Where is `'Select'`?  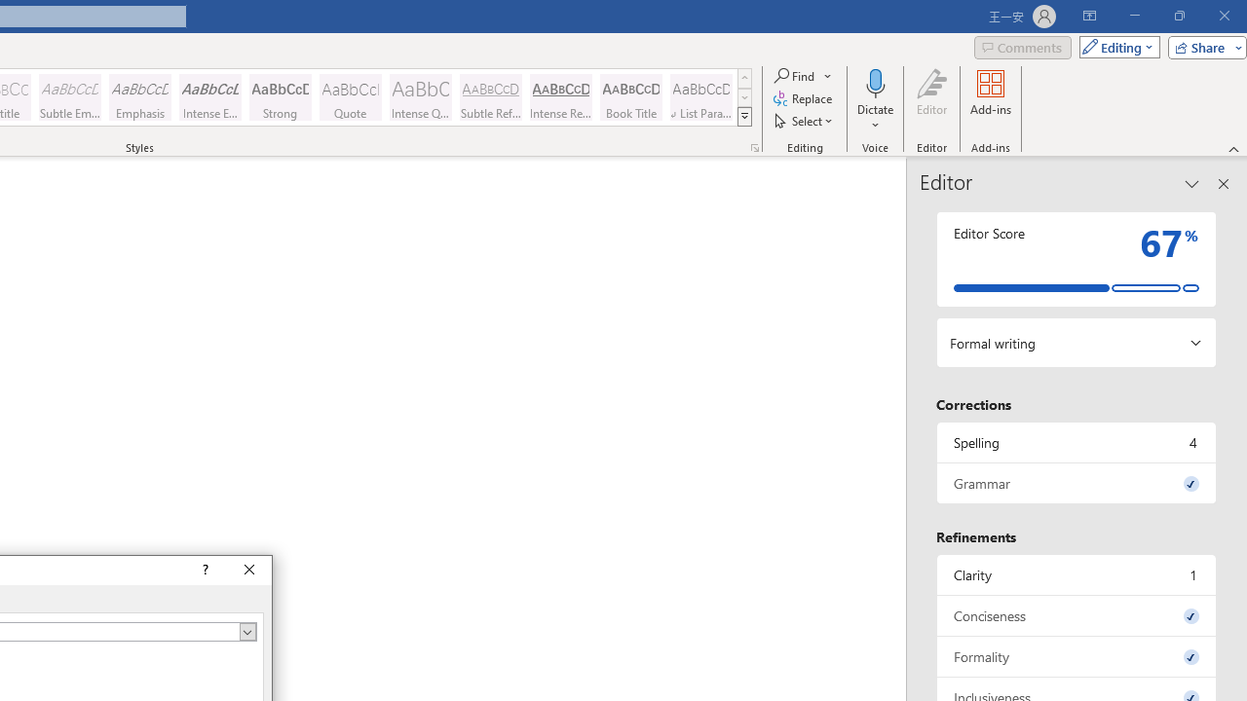
'Select' is located at coordinates (805, 121).